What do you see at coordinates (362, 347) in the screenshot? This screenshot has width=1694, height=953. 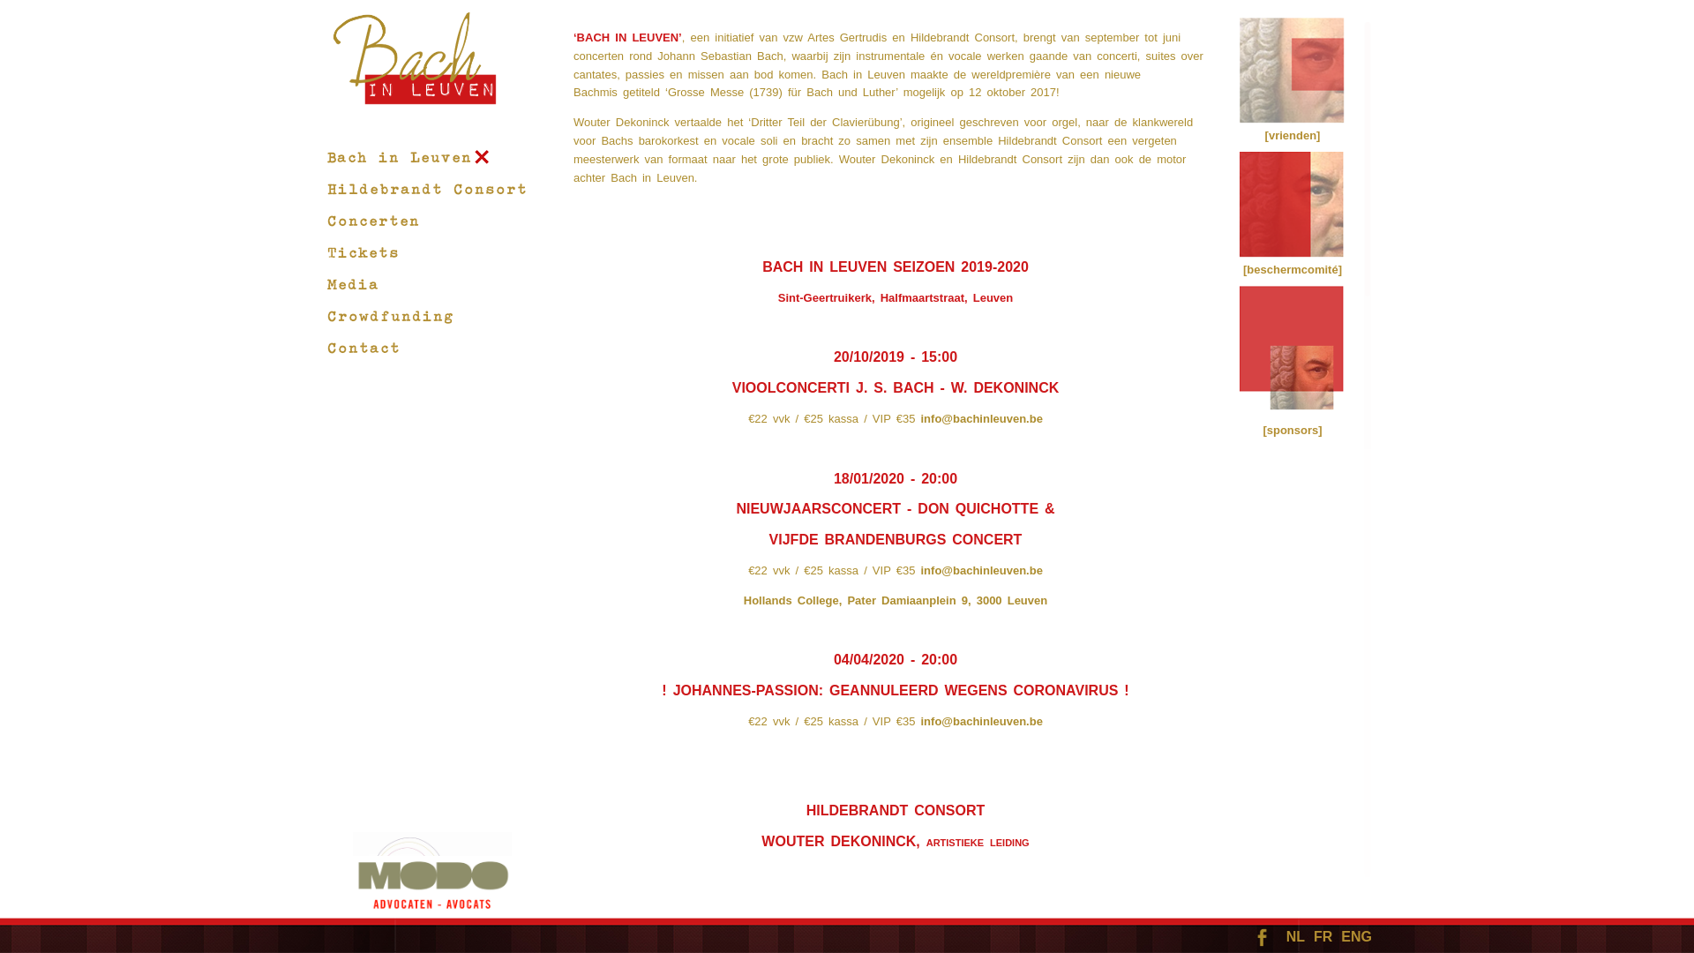 I see `'Contact'` at bounding box center [362, 347].